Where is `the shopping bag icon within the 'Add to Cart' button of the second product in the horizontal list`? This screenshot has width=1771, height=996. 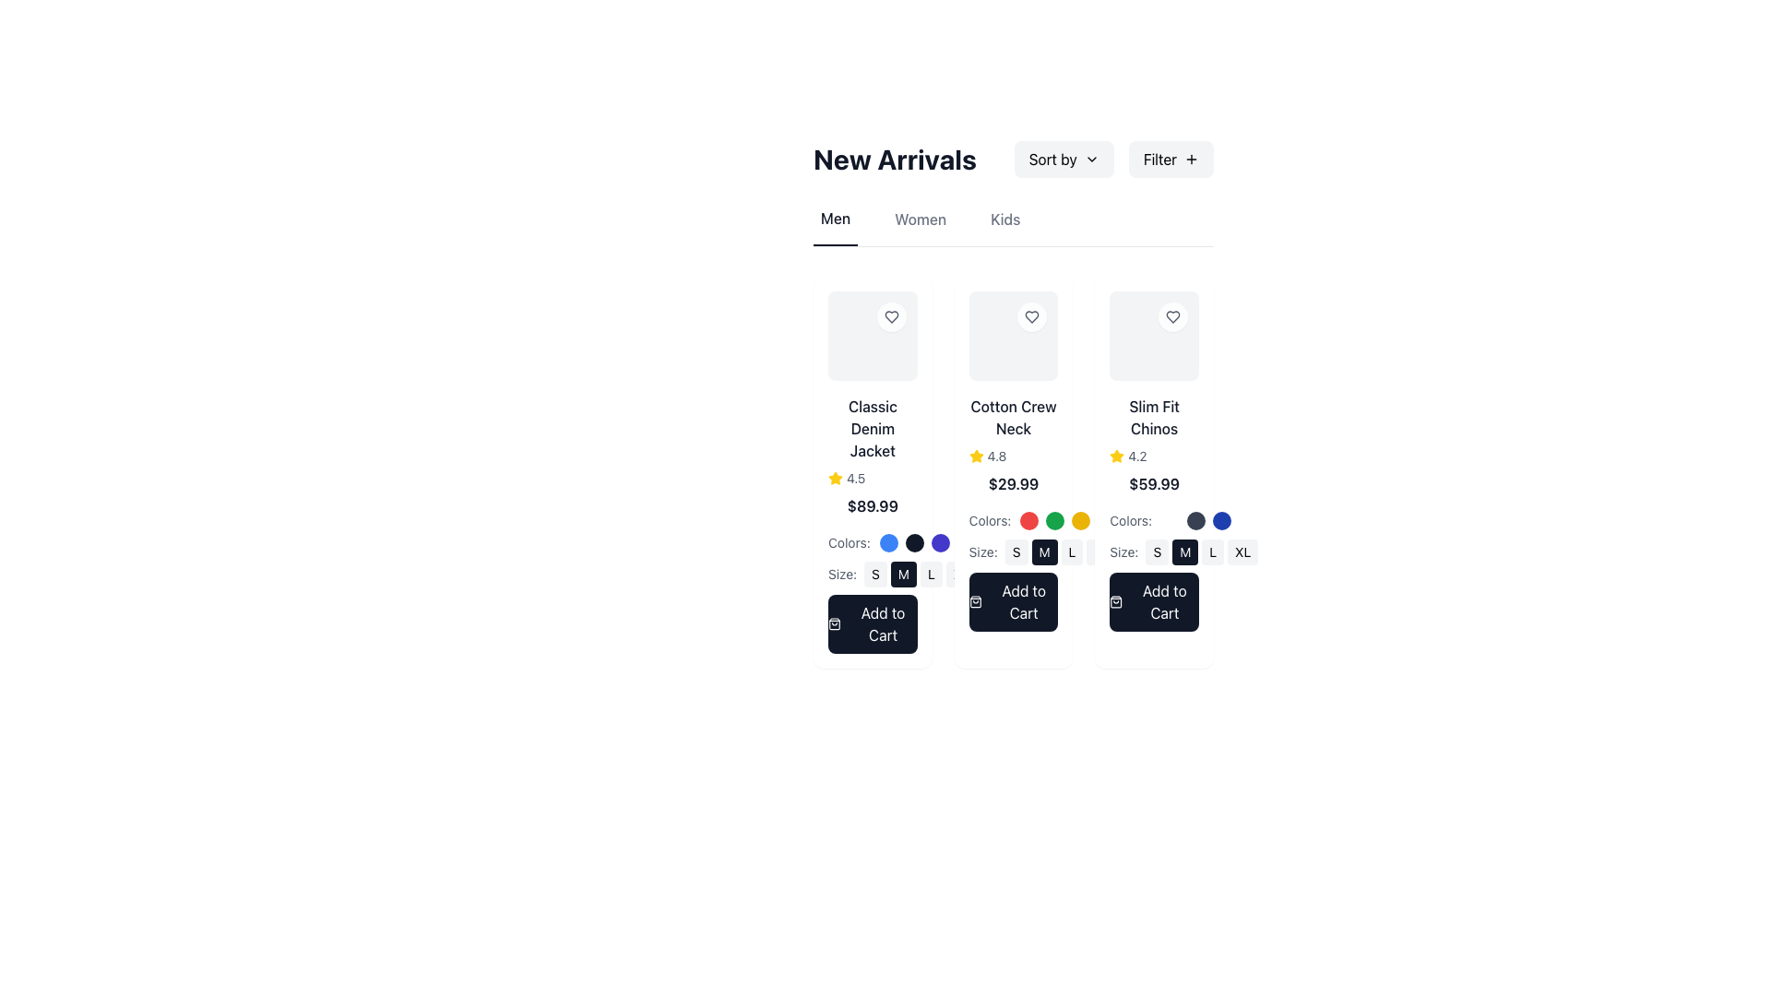 the shopping bag icon within the 'Add to Cart' button of the second product in the horizontal list is located at coordinates (974, 601).